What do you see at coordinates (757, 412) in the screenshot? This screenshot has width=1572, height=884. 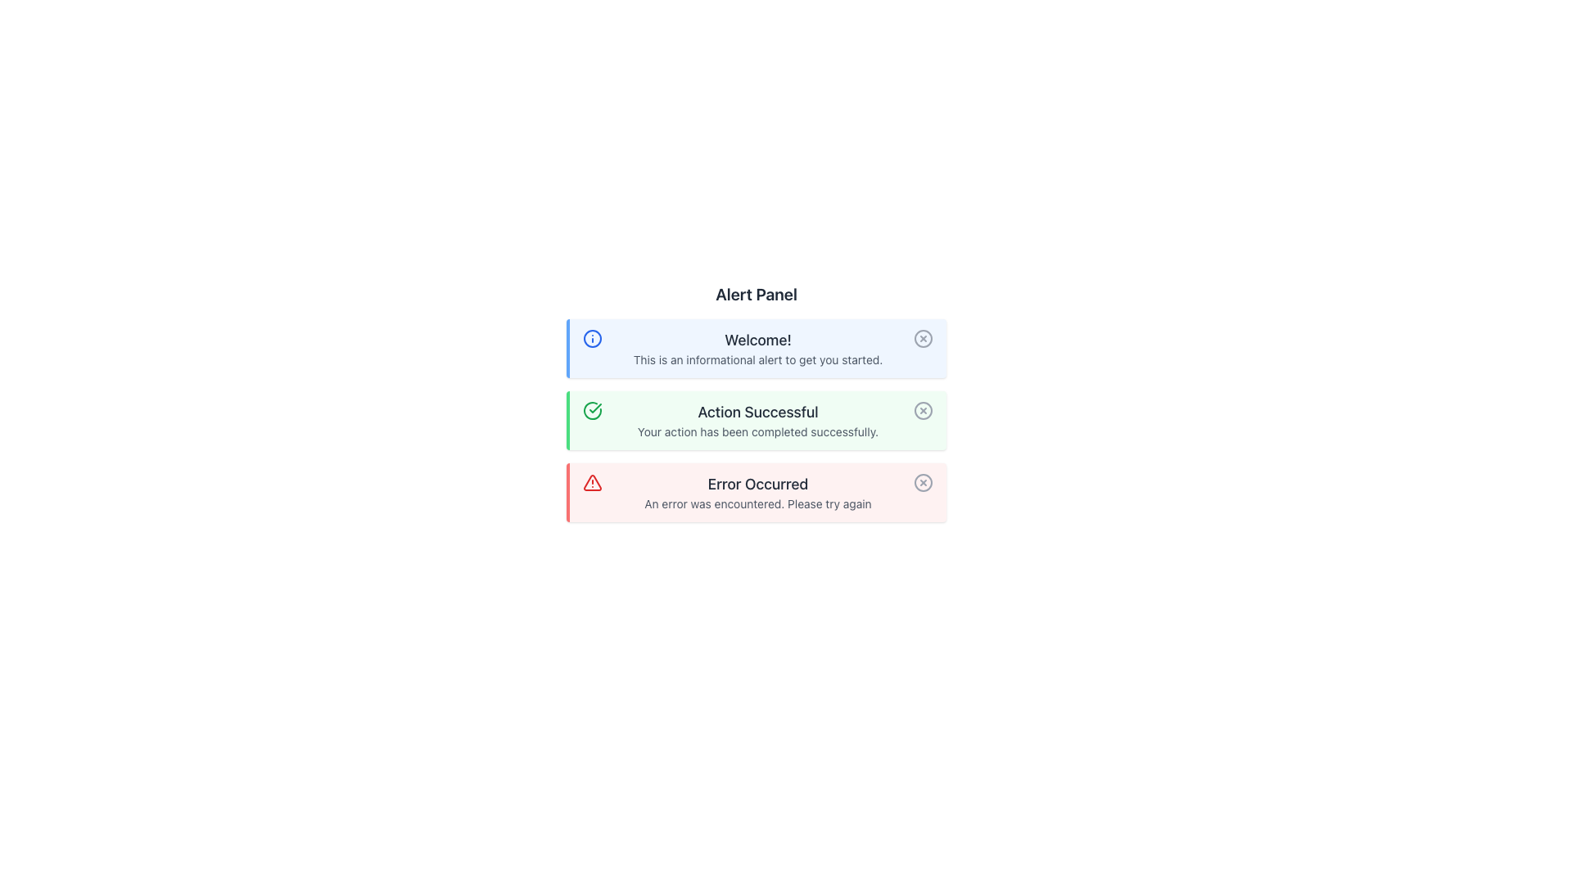 I see `the text label displaying 'Action Successful' in the notification panel, which is part of the second notification box in the stack` at bounding box center [757, 412].